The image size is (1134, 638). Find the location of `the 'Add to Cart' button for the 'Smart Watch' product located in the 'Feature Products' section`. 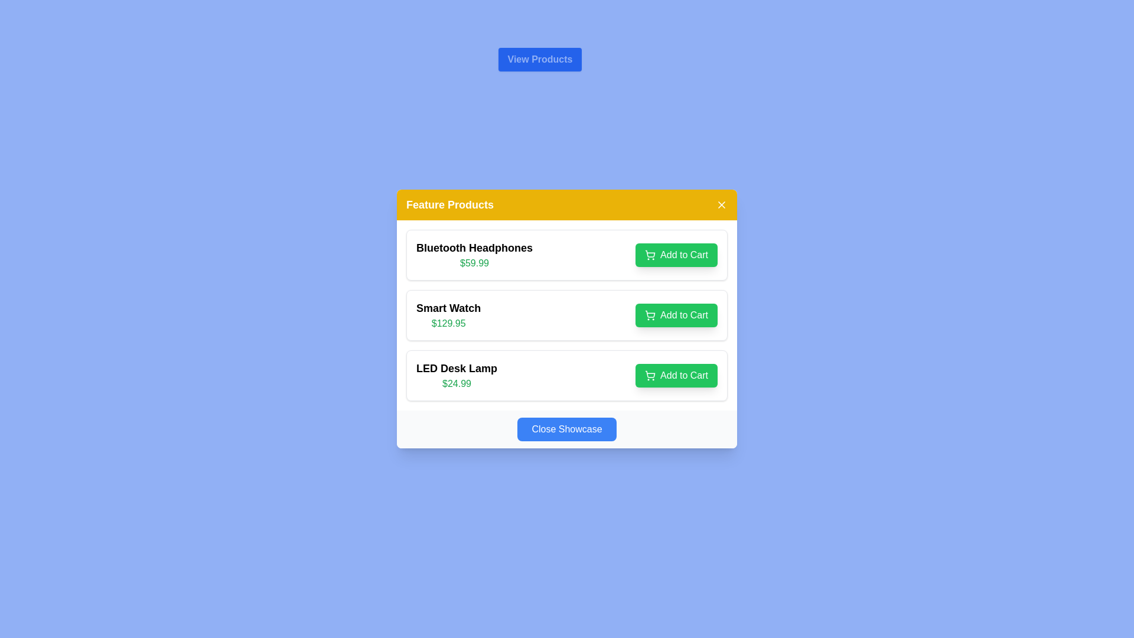

the 'Add to Cart' button for the 'Smart Watch' product located in the 'Feature Products' section is located at coordinates (676, 314).